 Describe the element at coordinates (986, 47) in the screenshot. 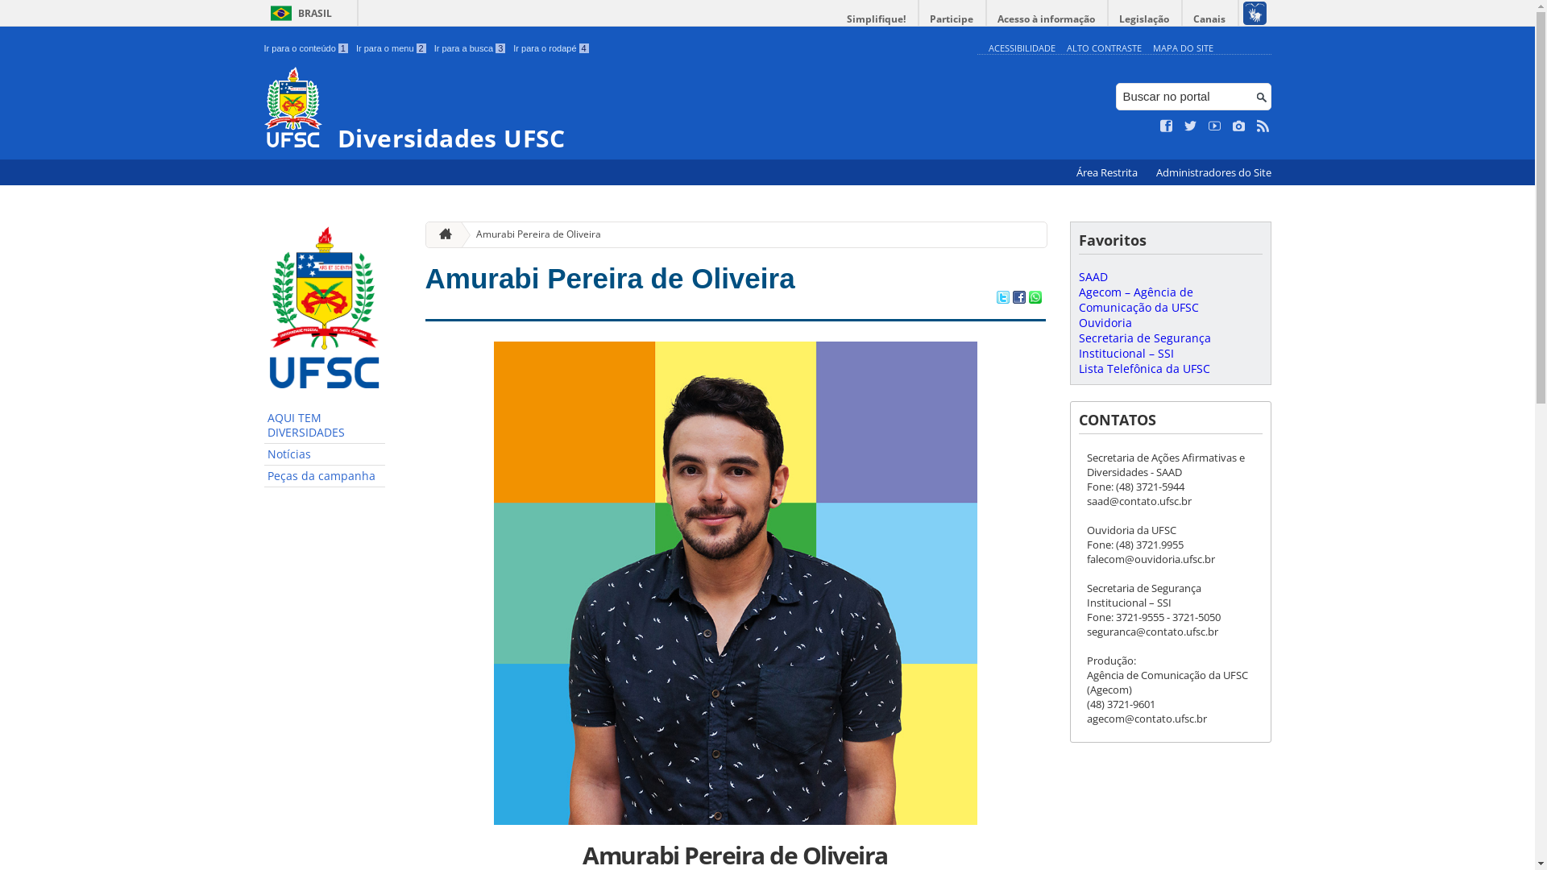

I see `'ACESSIBILIDADE'` at that location.